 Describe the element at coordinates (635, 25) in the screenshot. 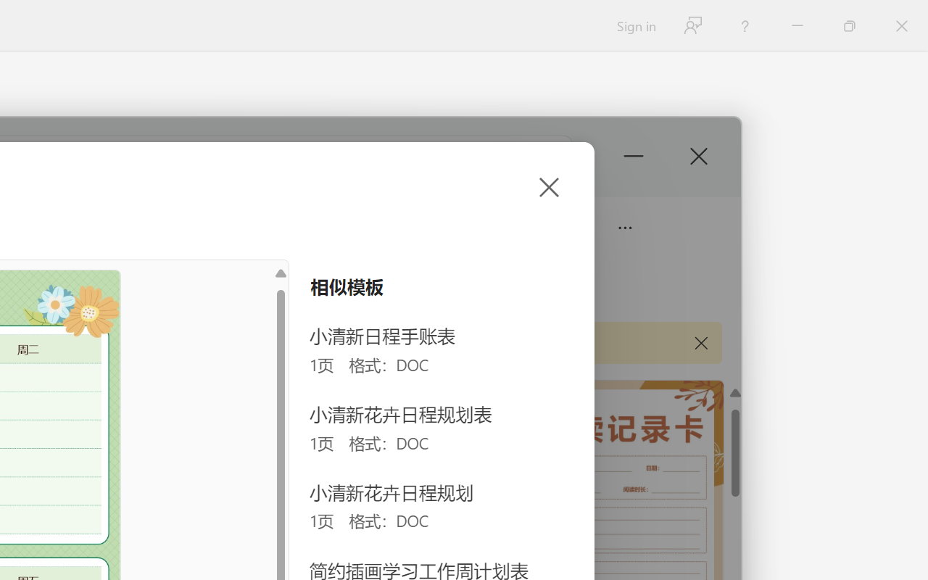

I see `'Sign in'` at that location.